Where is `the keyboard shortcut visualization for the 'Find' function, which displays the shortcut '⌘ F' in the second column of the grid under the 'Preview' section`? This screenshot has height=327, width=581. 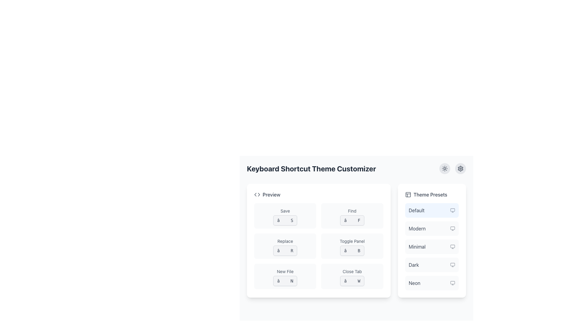
the keyboard shortcut visualization for the 'Find' function, which displays the shortcut '⌘ F' in the second column of the grid under the 'Preview' section is located at coordinates (352, 220).